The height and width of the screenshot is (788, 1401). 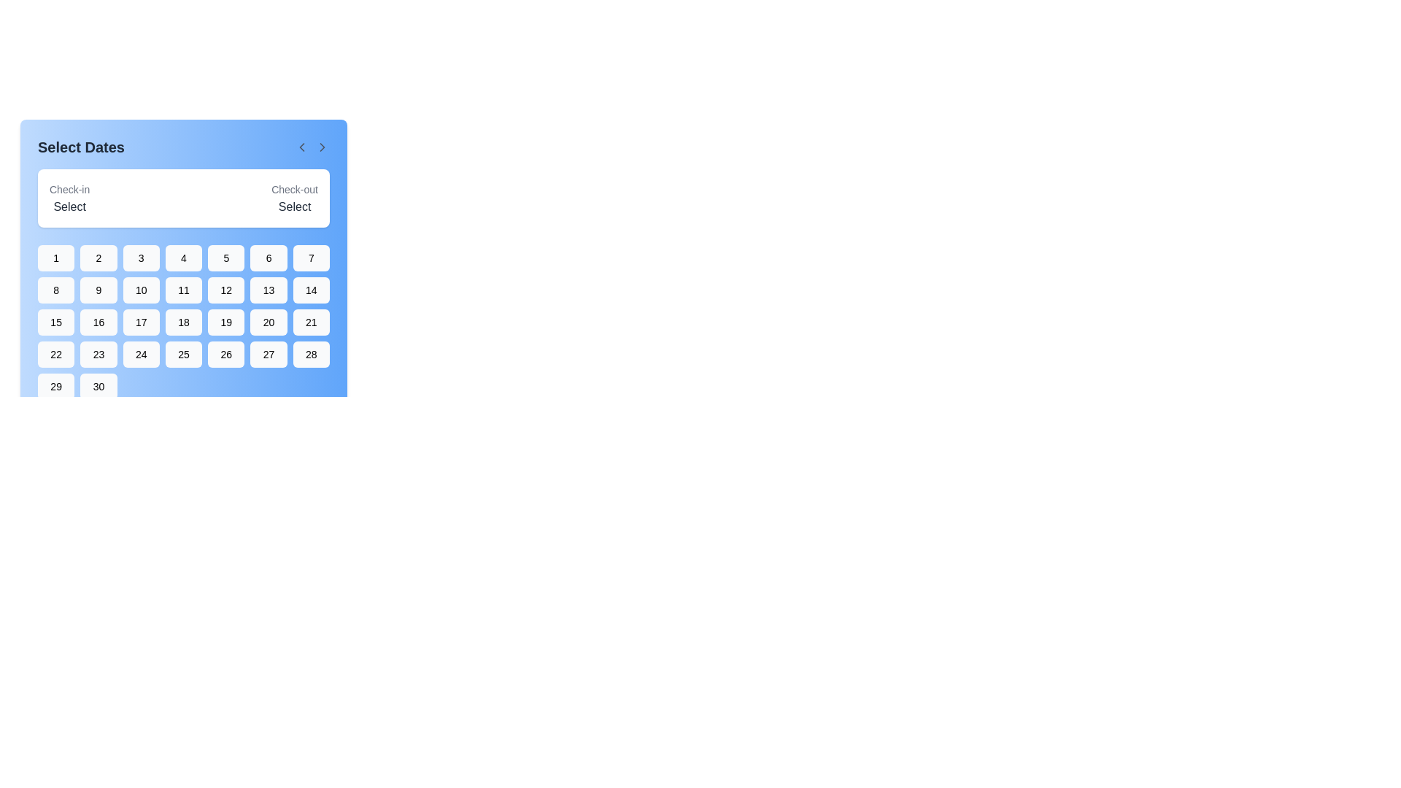 I want to click on the button representing the date '1' in the first column of the first row, so click(x=56, y=258).